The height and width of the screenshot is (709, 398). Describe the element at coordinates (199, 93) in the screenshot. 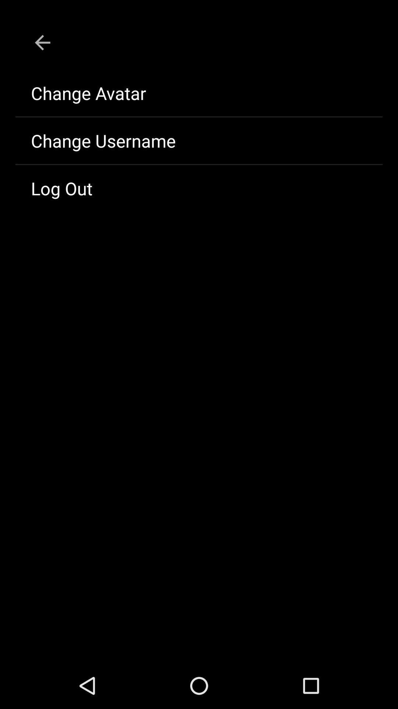

I see `the item above change username icon` at that location.